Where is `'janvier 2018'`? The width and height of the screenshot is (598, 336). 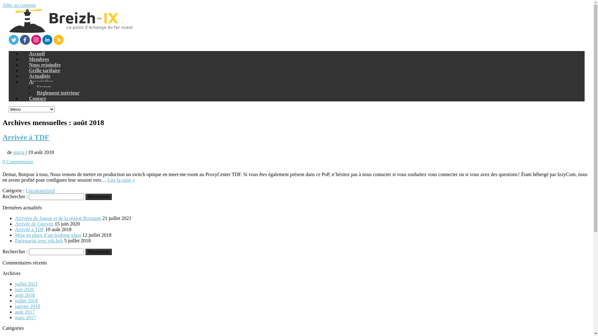
'janvier 2018' is located at coordinates (27, 306).